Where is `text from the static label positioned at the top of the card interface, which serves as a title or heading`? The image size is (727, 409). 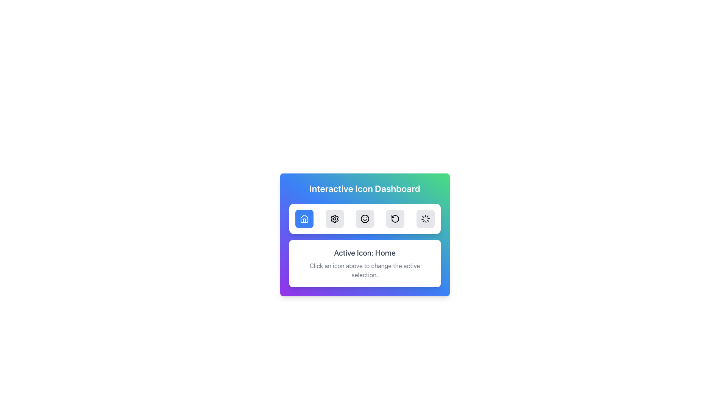
text from the static label positioned at the top of the card interface, which serves as a title or heading is located at coordinates (365, 188).